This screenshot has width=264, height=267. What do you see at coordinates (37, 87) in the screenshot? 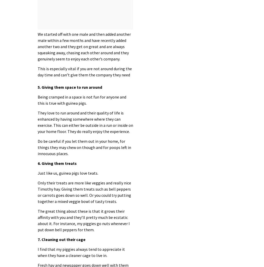
I see `'5. Giving them space to run around'` at bounding box center [37, 87].